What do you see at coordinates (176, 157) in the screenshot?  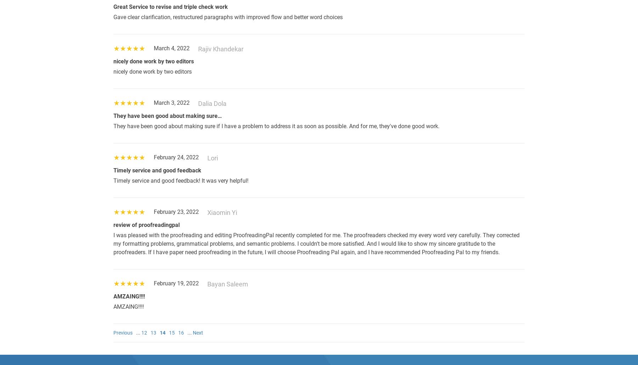 I see `'February 24, 2022'` at bounding box center [176, 157].